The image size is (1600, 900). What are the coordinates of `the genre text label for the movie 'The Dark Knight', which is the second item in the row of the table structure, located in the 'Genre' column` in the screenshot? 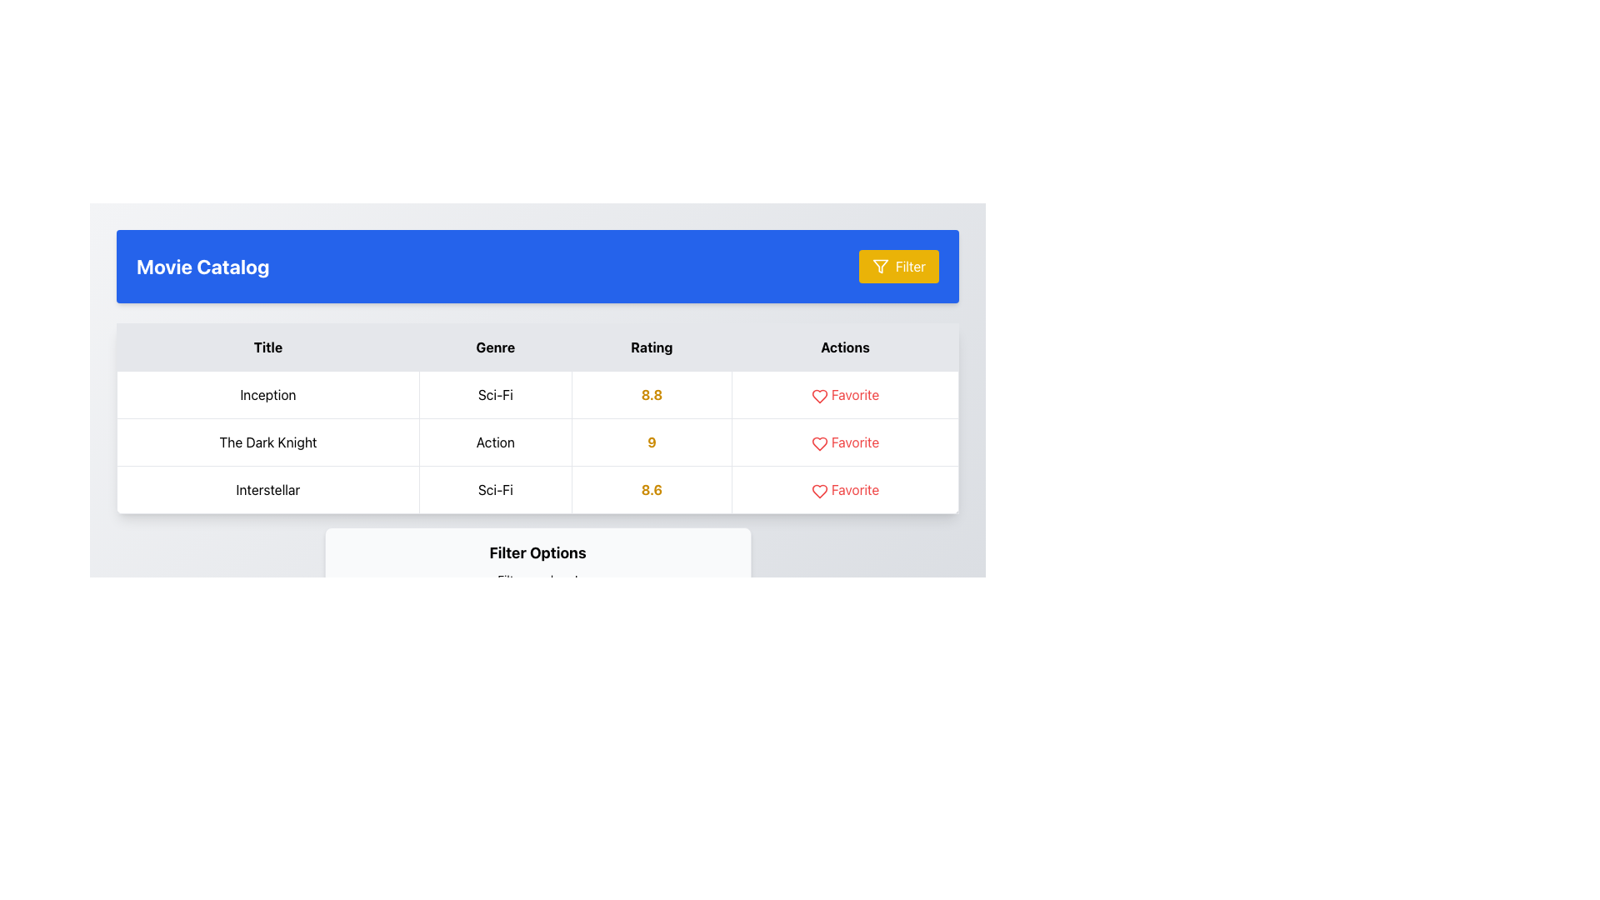 It's located at (494, 442).